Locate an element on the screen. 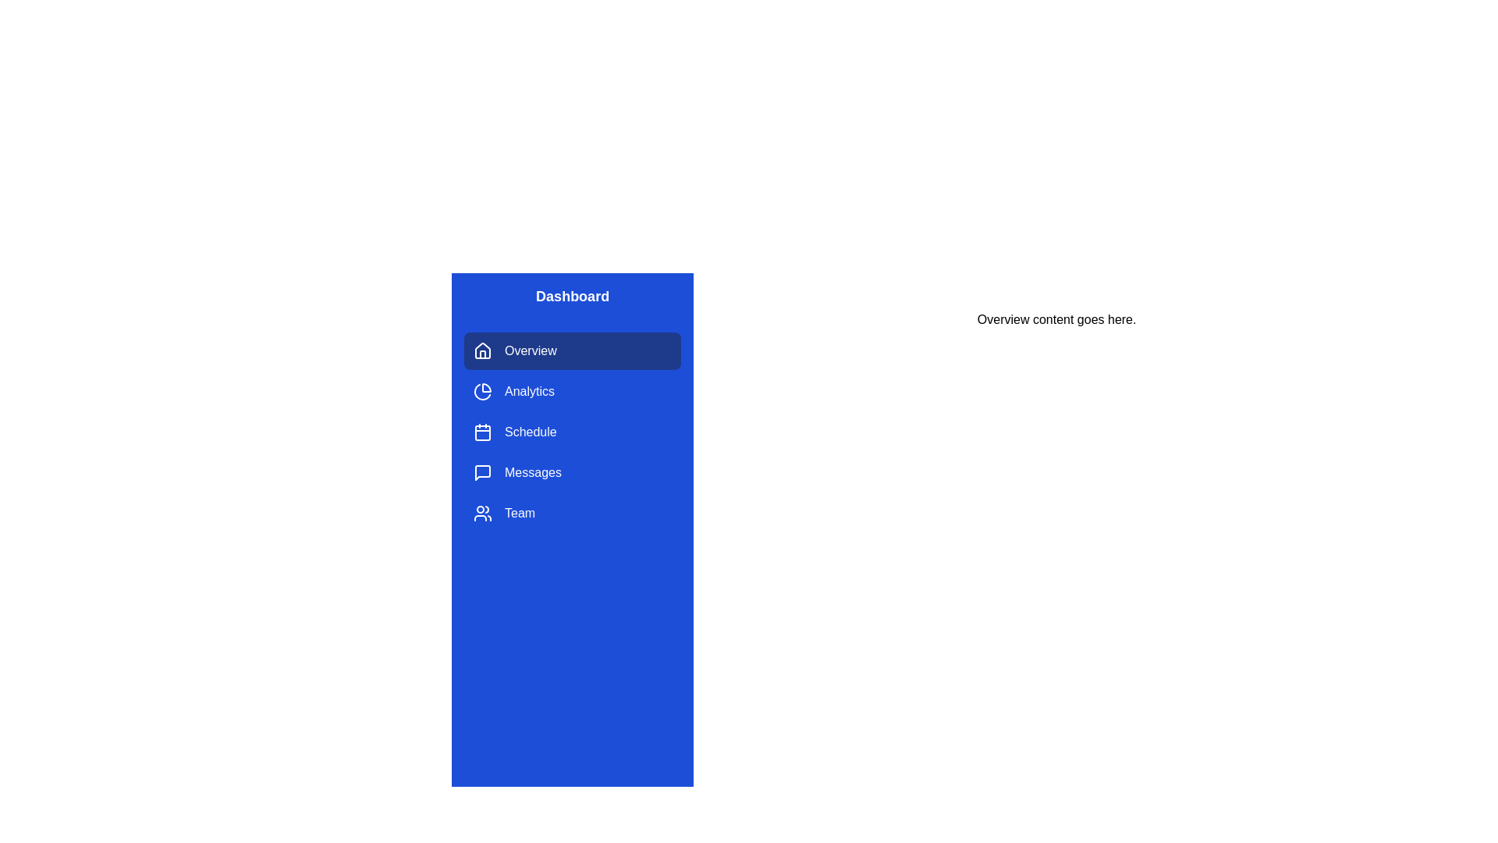 The height and width of the screenshot is (843, 1498). the 'Team' text label in the vertical menu, which is styled with bold white font on a blue background is located at coordinates (520, 514).